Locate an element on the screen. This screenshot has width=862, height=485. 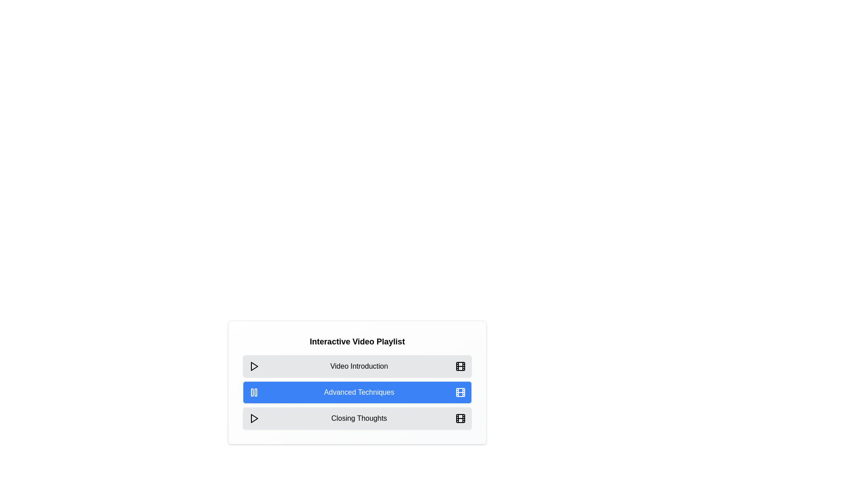
the video chip corresponding to Closing Thoughts to toggle its play/pause state is located at coordinates (357, 419).